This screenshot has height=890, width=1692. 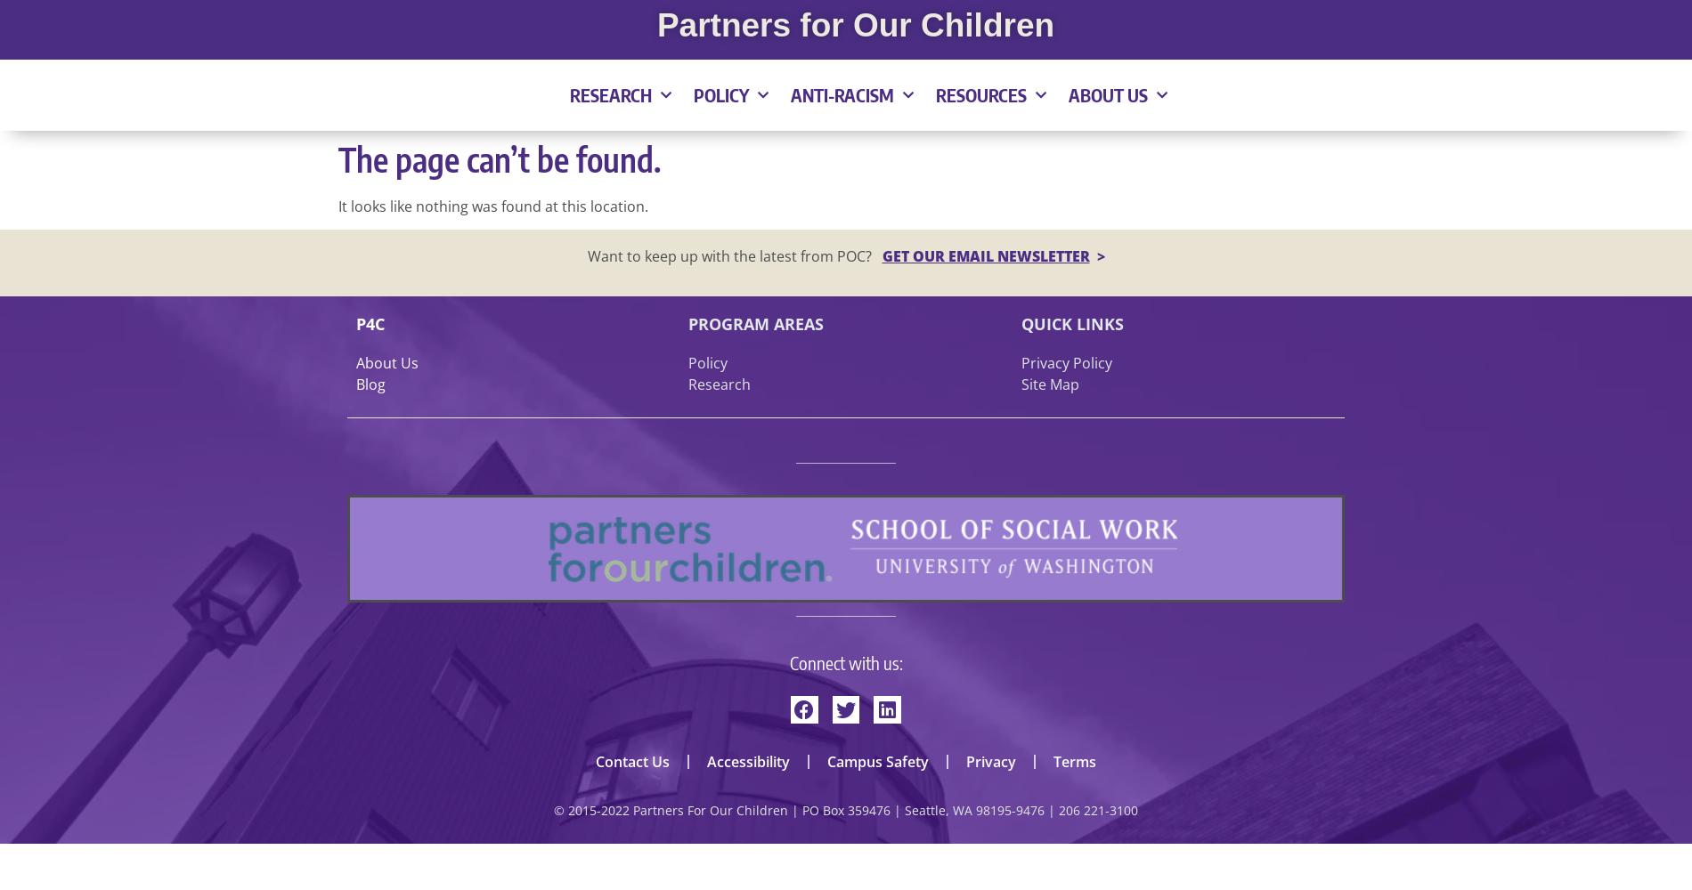 What do you see at coordinates (731, 256) in the screenshot?
I see `'Want to keep up with the latest from POC?'` at bounding box center [731, 256].